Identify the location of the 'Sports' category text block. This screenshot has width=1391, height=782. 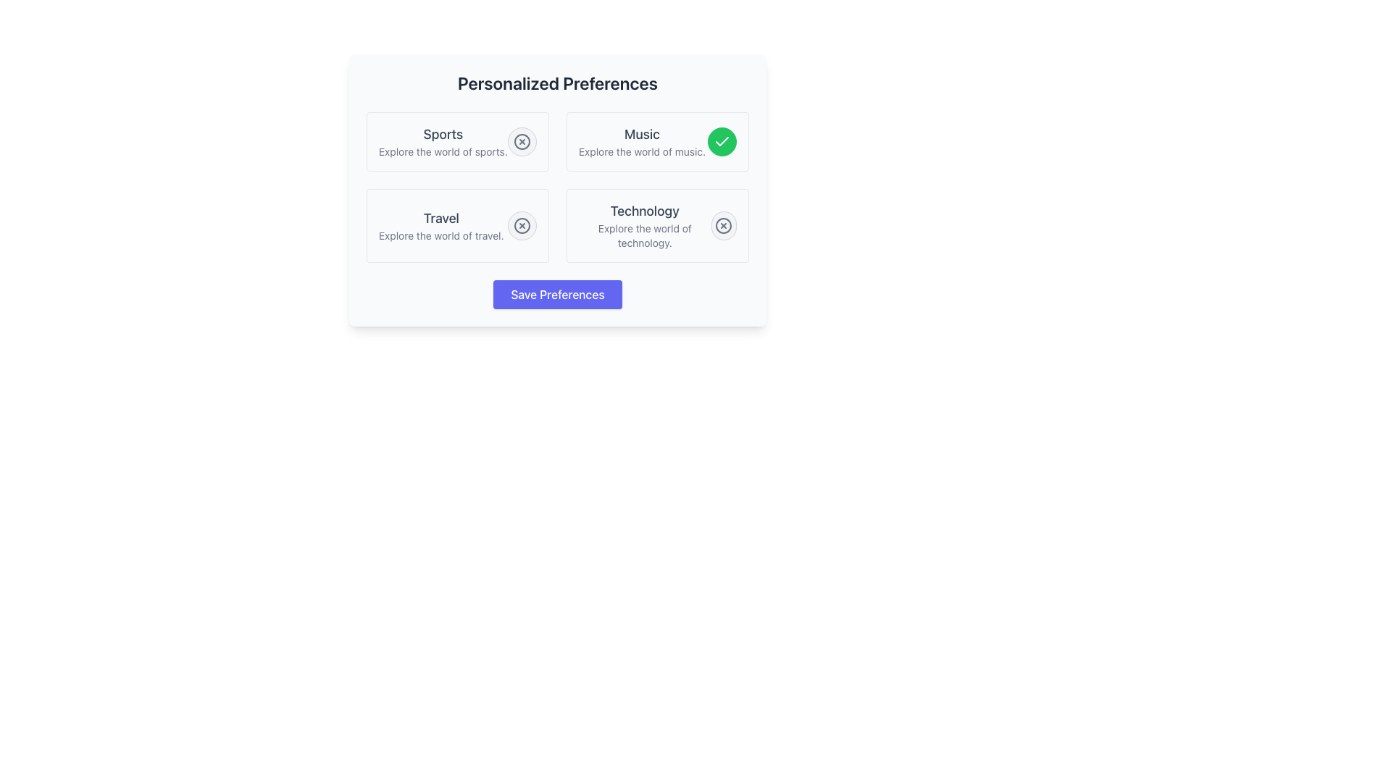
(442, 142).